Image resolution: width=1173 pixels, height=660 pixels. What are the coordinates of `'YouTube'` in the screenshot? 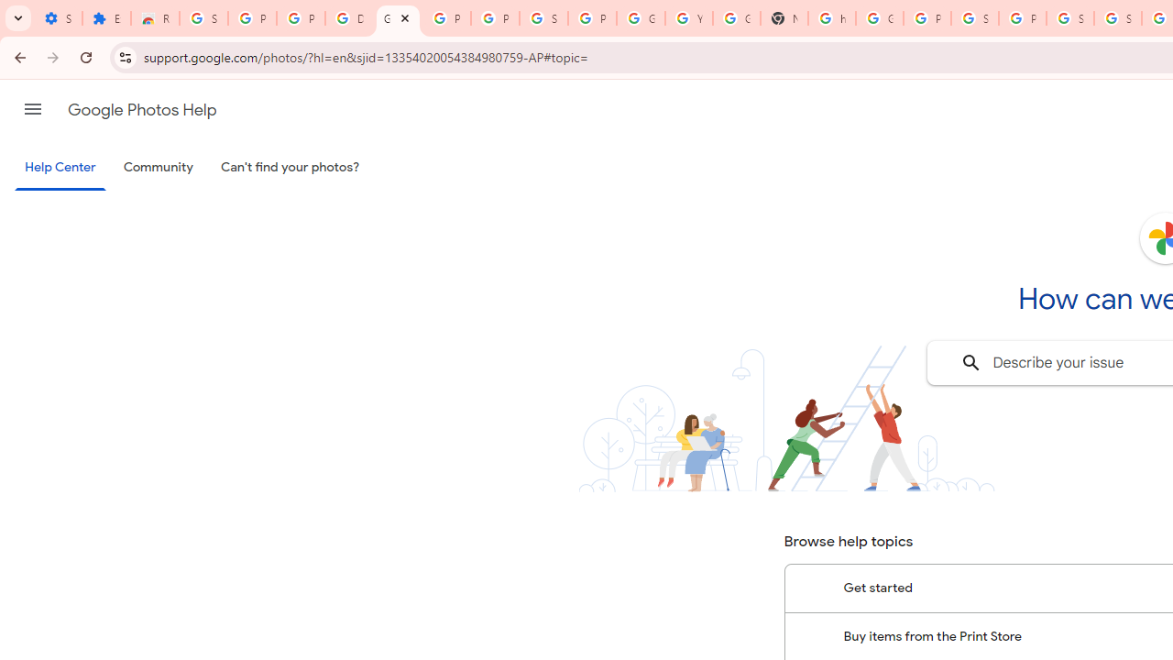 It's located at (688, 18).